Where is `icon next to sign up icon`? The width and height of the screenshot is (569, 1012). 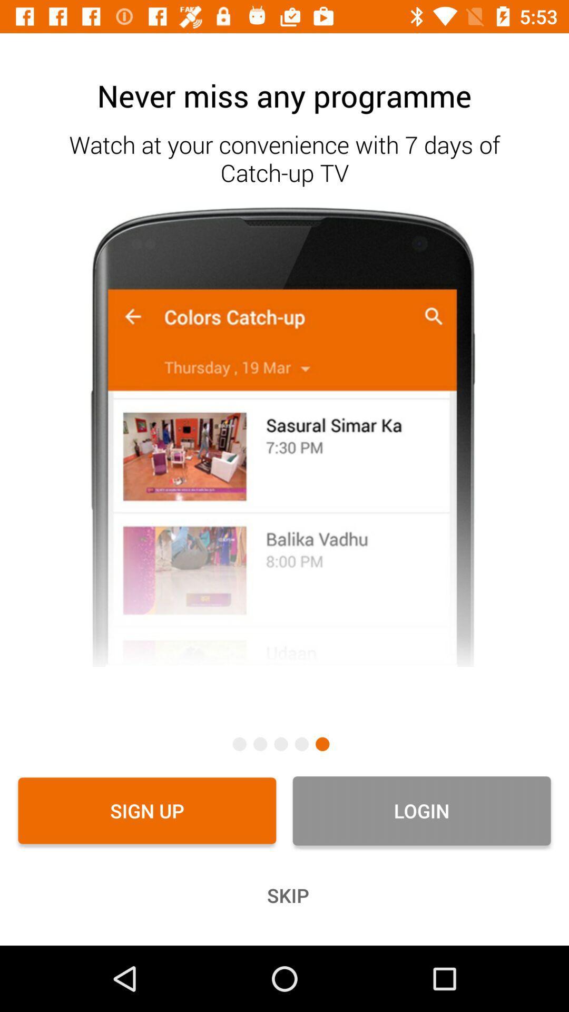
icon next to sign up icon is located at coordinates (421, 810).